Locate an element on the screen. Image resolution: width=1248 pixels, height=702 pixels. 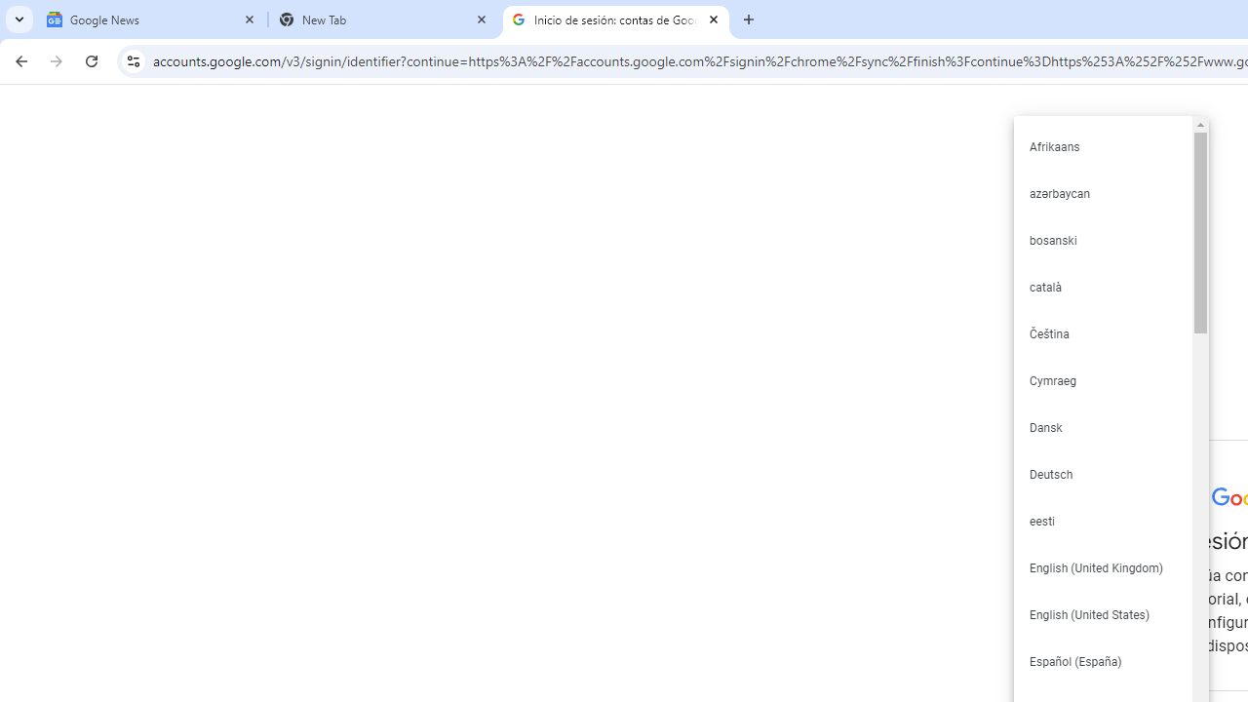
'Search tabs' is located at coordinates (19, 19).